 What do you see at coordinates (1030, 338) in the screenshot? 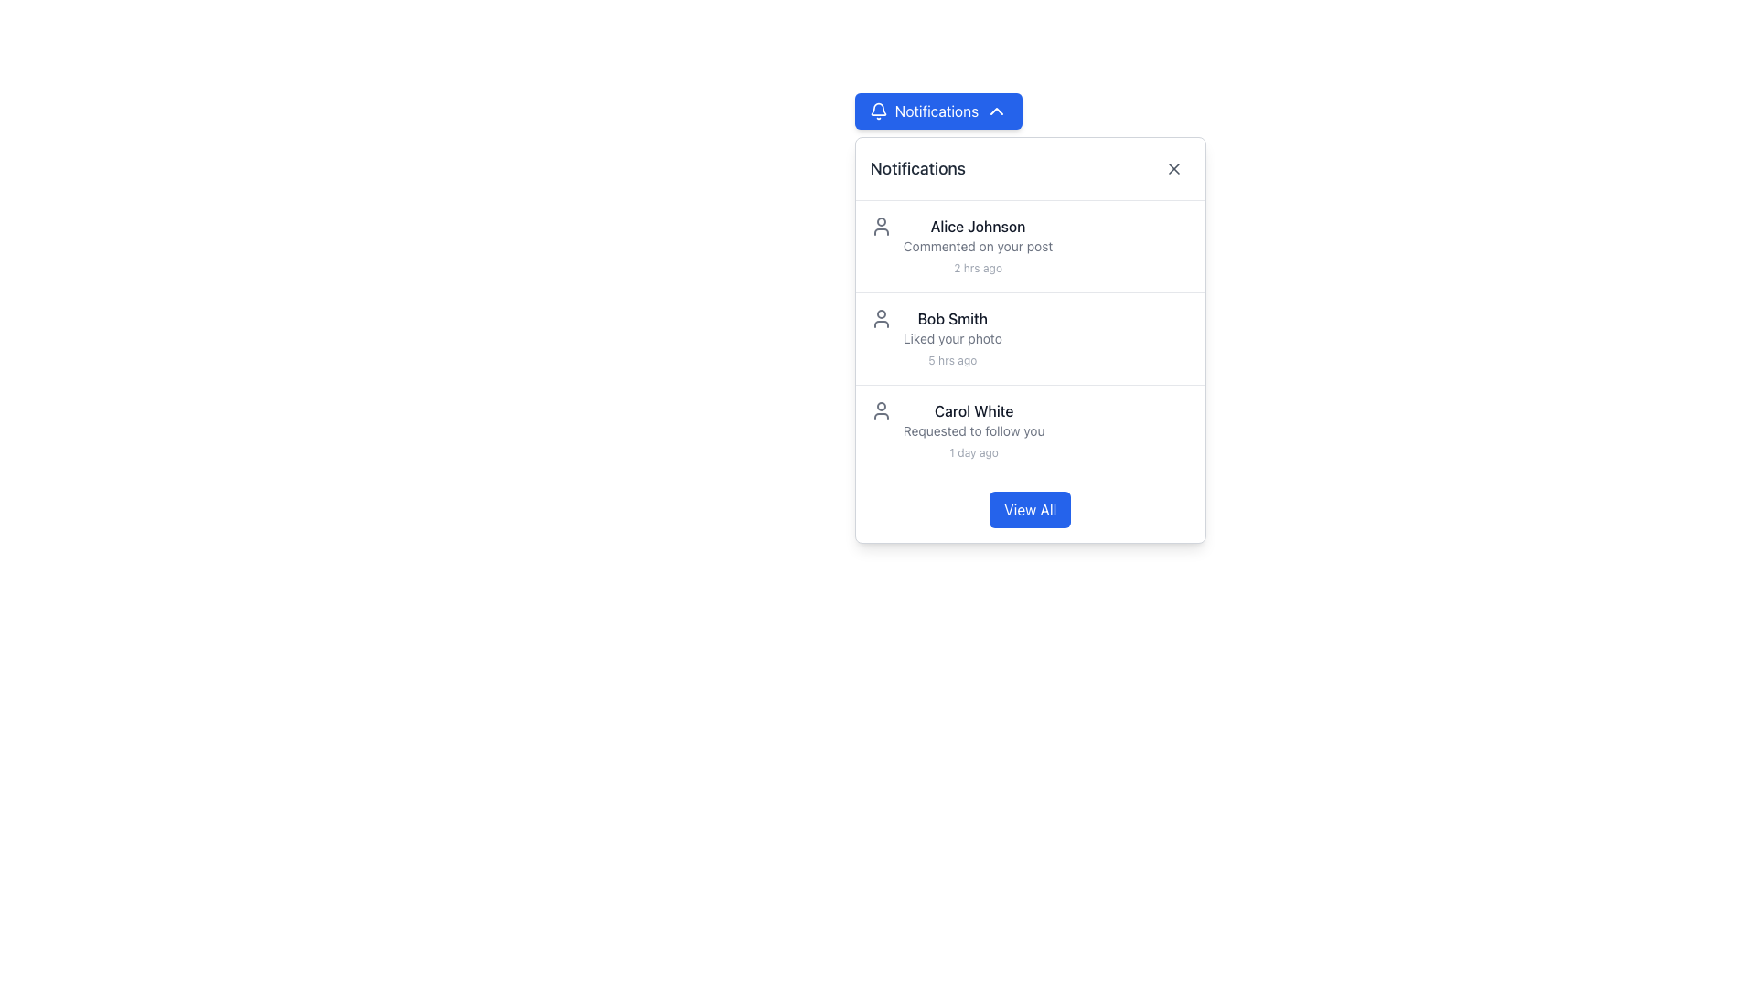
I see `a notification item in the Notification list` at bounding box center [1030, 338].